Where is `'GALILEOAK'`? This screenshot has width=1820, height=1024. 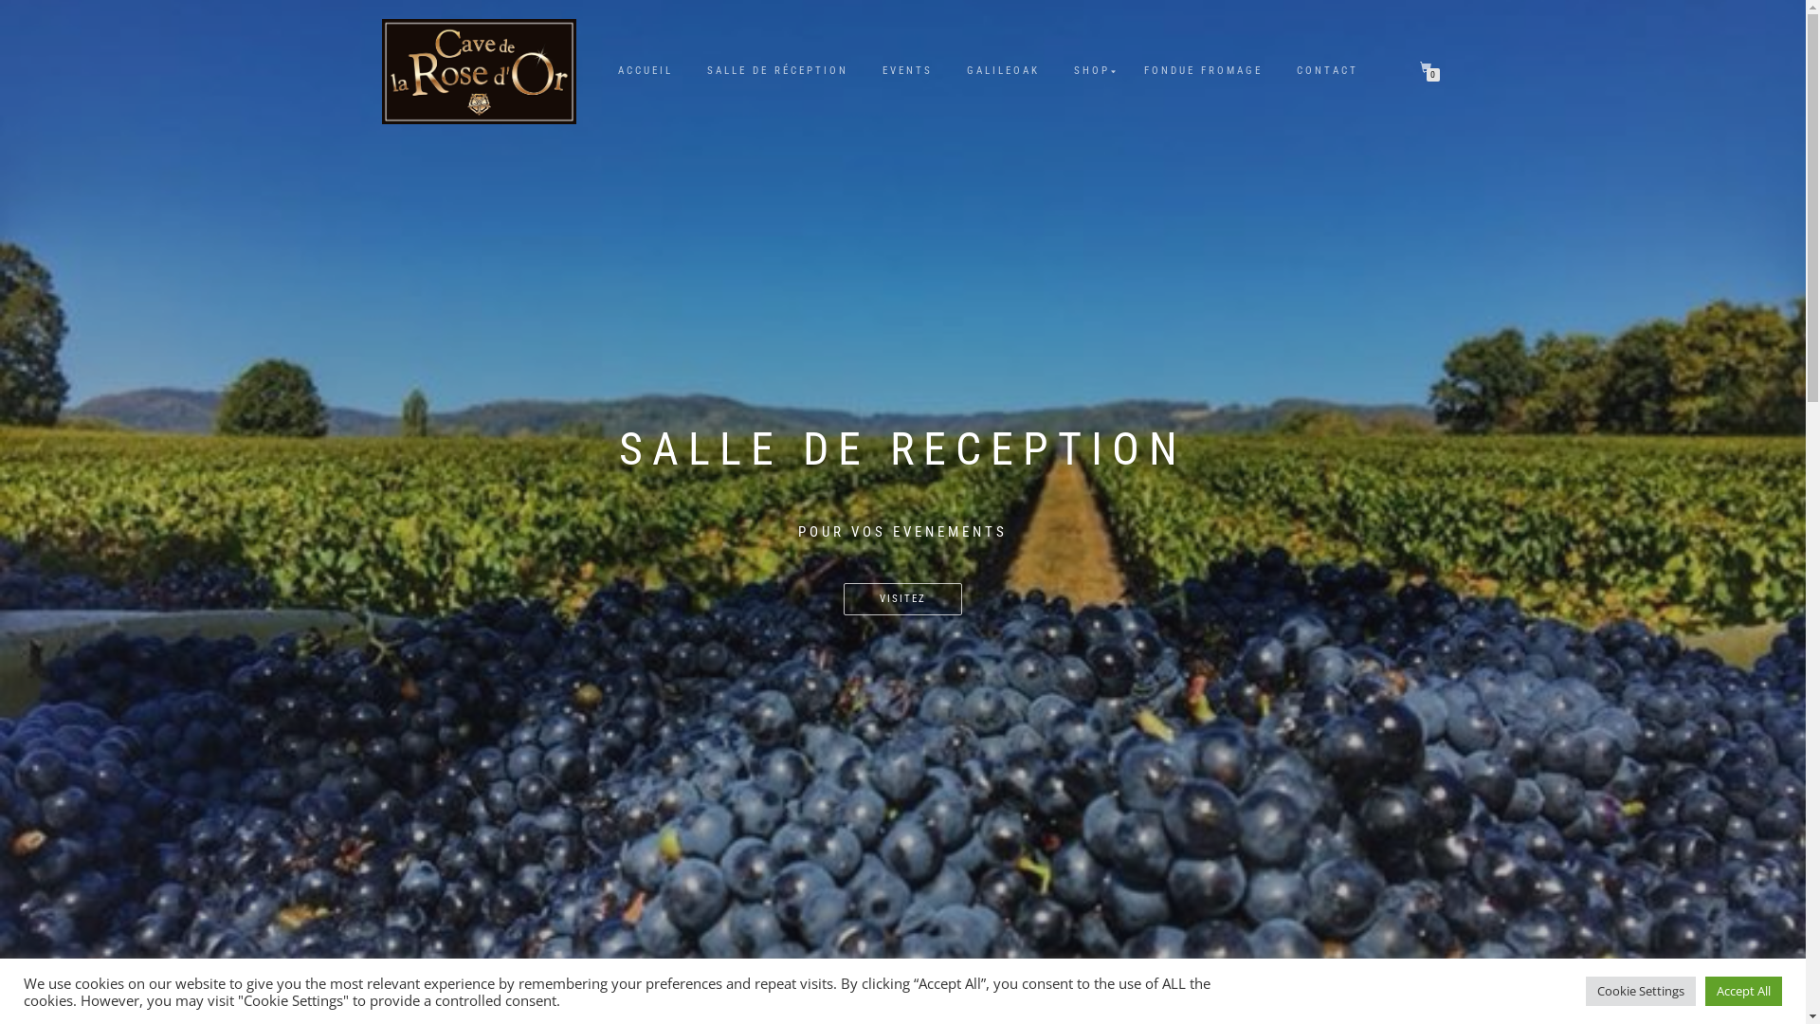 'GALILEOAK' is located at coordinates (1001, 69).